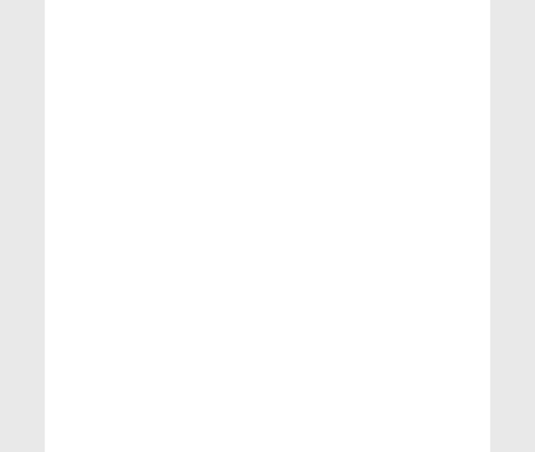 The width and height of the screenshot is (535, 452). What do you see at coordinates (395, 89) in the screenshot?
I see `'zigopay'` at bounding box center [395, 89].